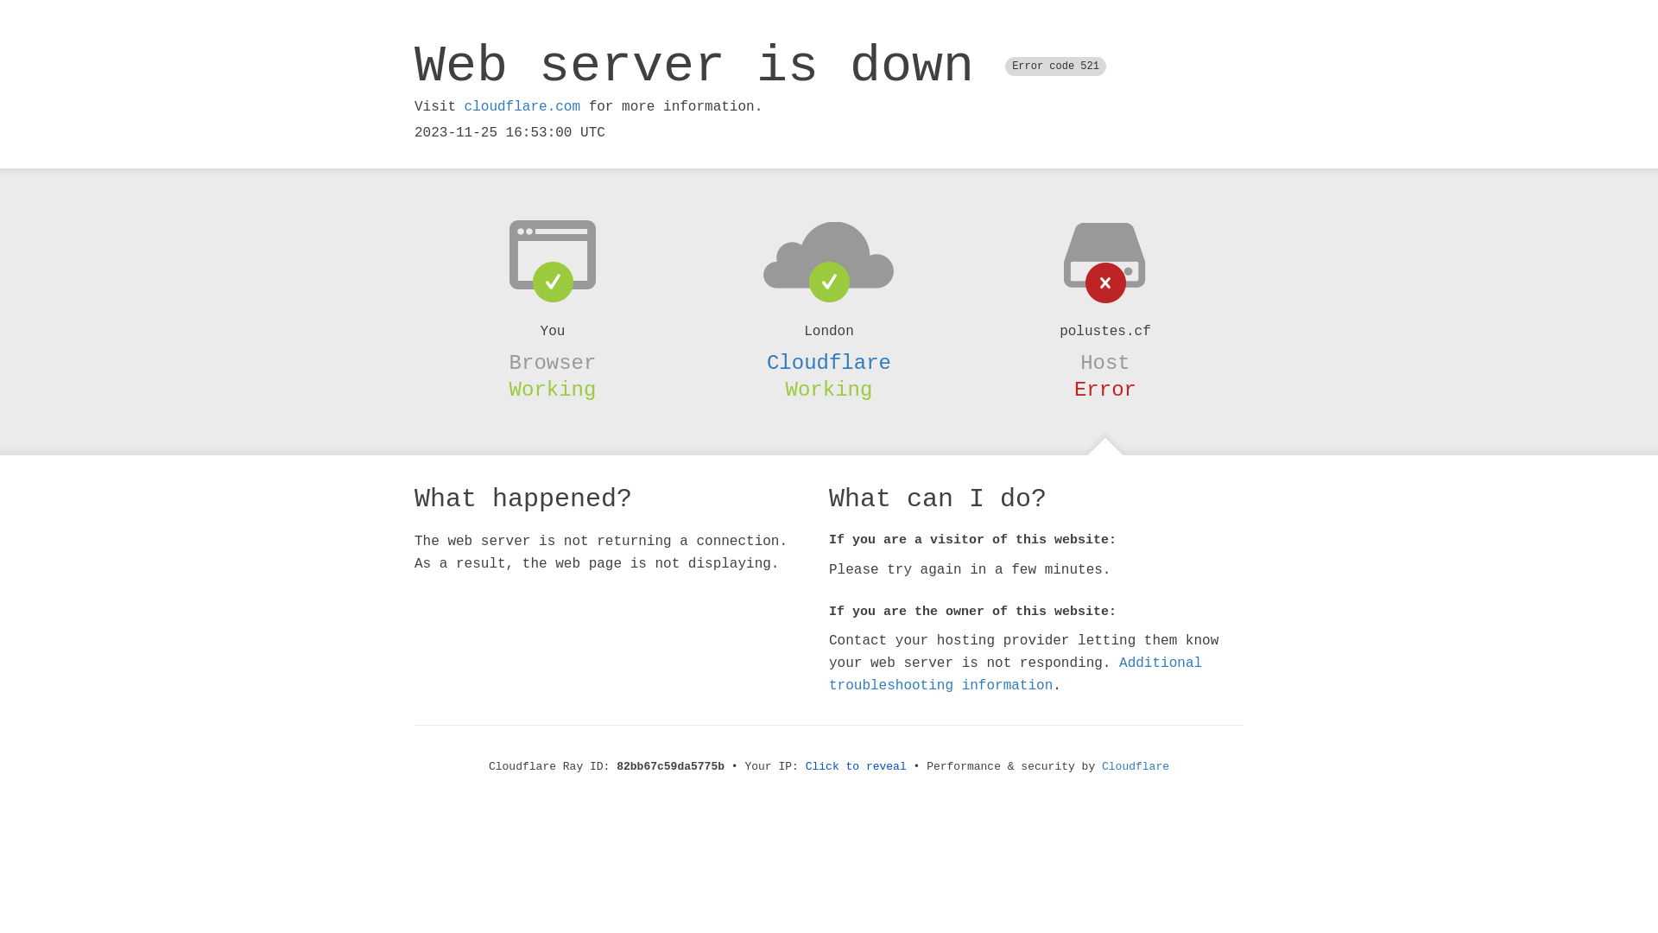  What do you see at coordinates (1101, 765) in the screenshot?
I see `'Cloudflare'` at bounding box center [1101, 765].